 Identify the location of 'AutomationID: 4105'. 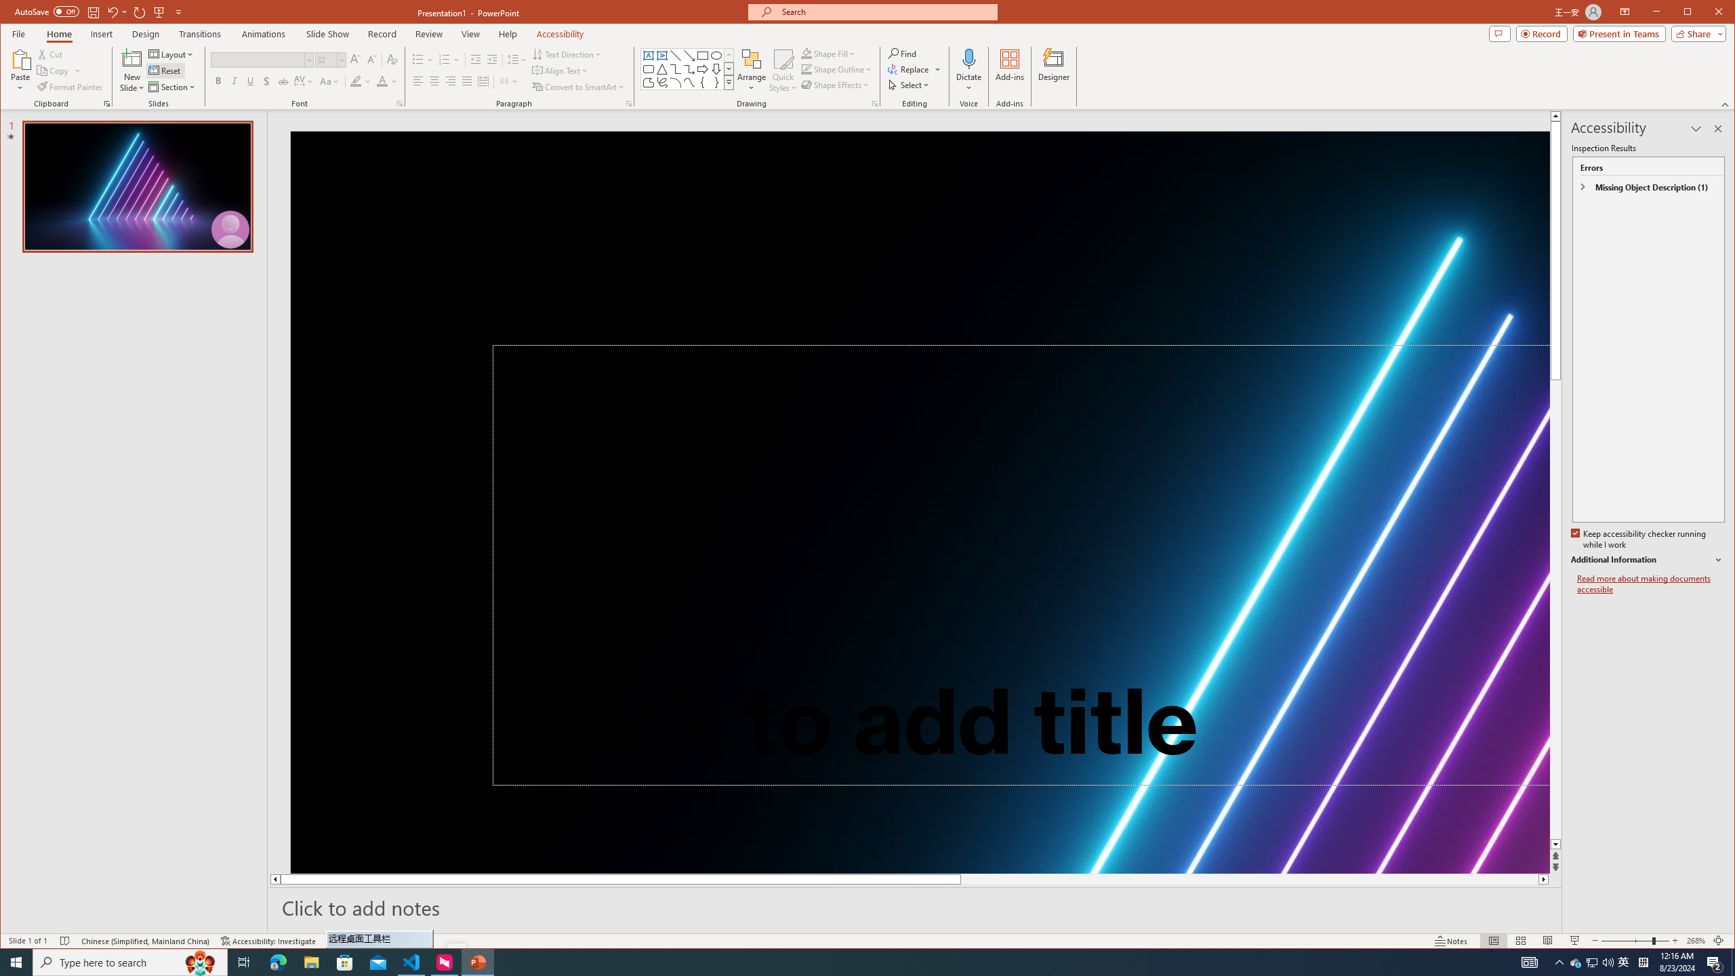
(1528, 961).